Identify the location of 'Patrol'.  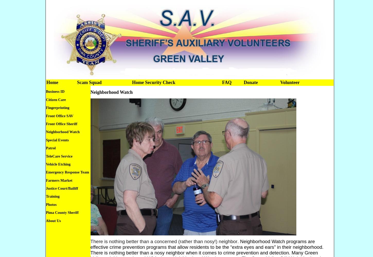
(50, 148).